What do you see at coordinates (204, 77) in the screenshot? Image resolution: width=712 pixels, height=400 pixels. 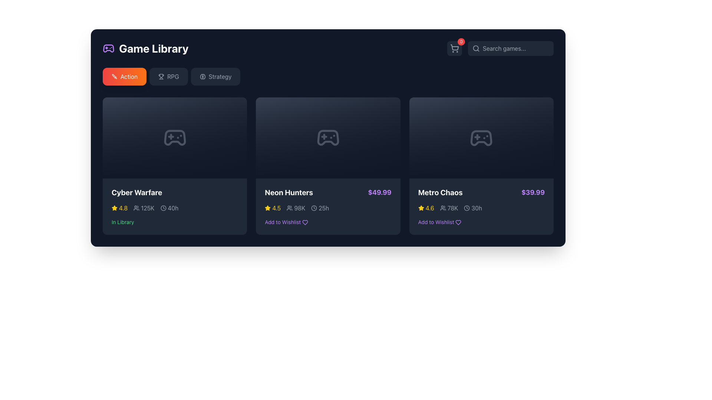 I see `the rounded graphic icon resembling a brain-like structure located at the top-left area of the interface, adjacent to the title 'Game Library.'` at bounding box center [204, 77].